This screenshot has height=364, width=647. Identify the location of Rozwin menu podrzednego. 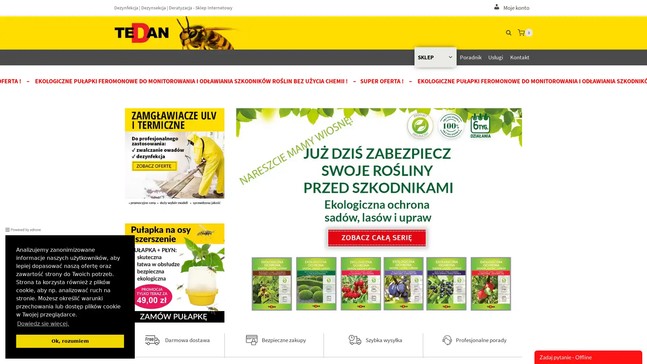
(435, 57).